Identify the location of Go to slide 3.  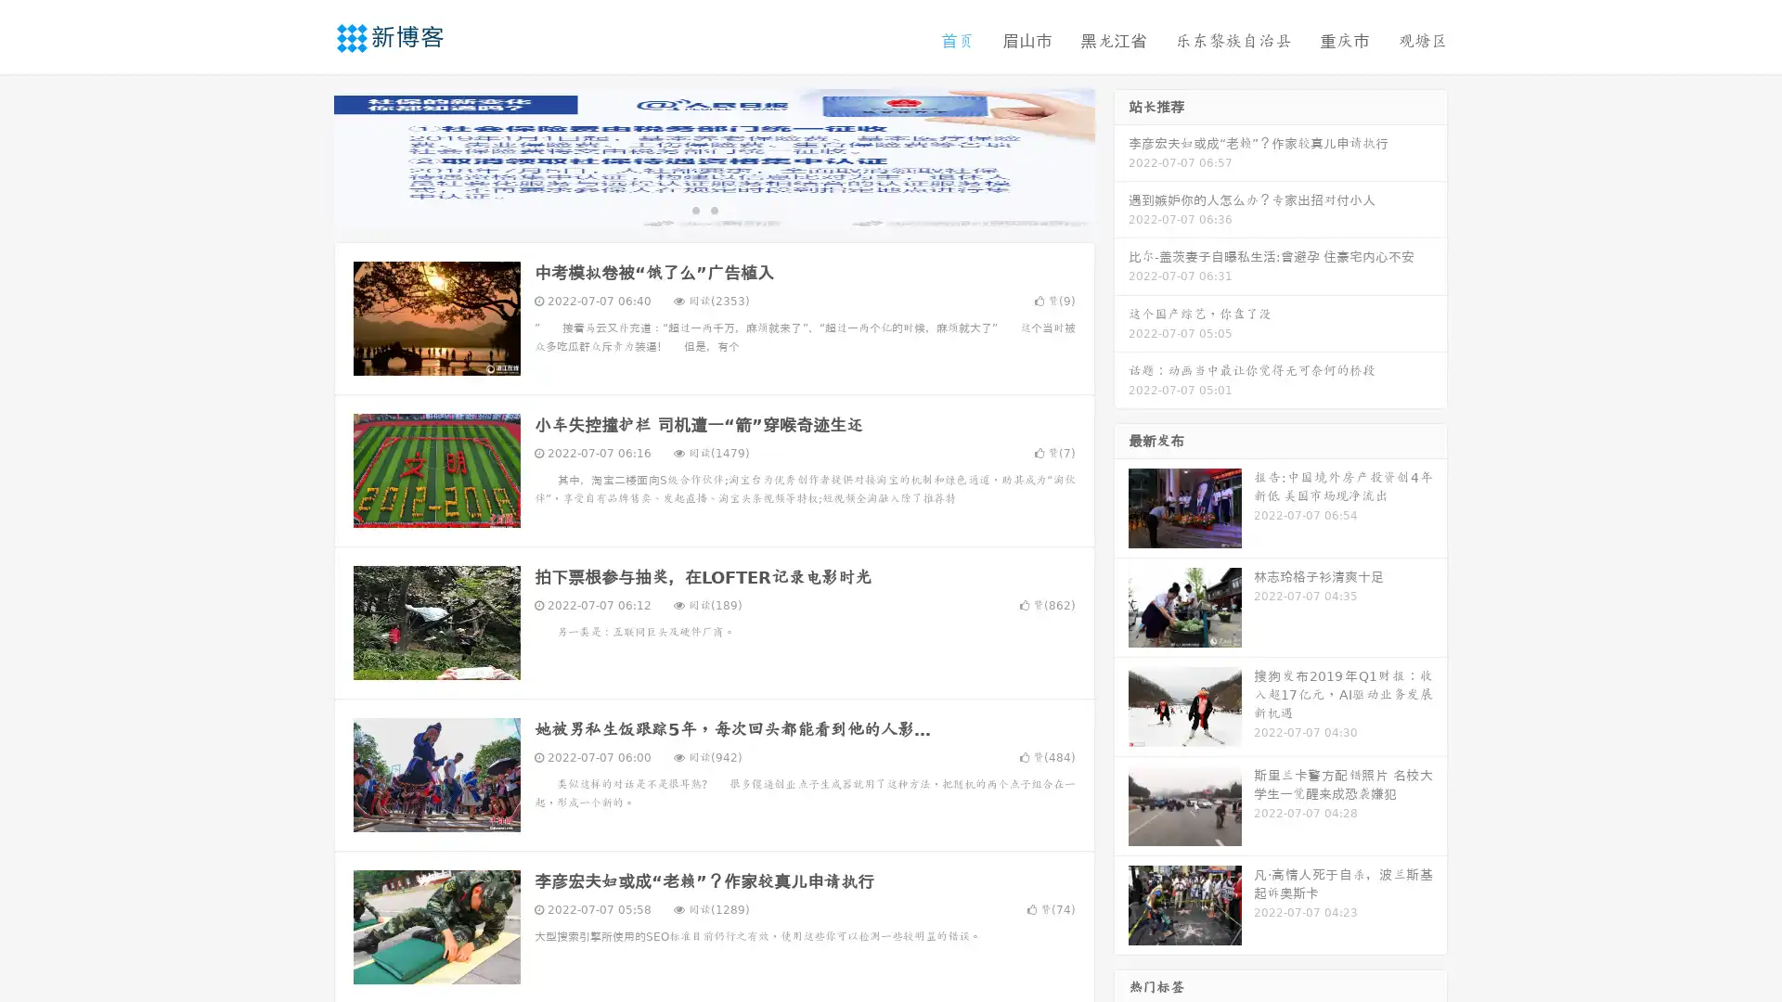
(732, 209).